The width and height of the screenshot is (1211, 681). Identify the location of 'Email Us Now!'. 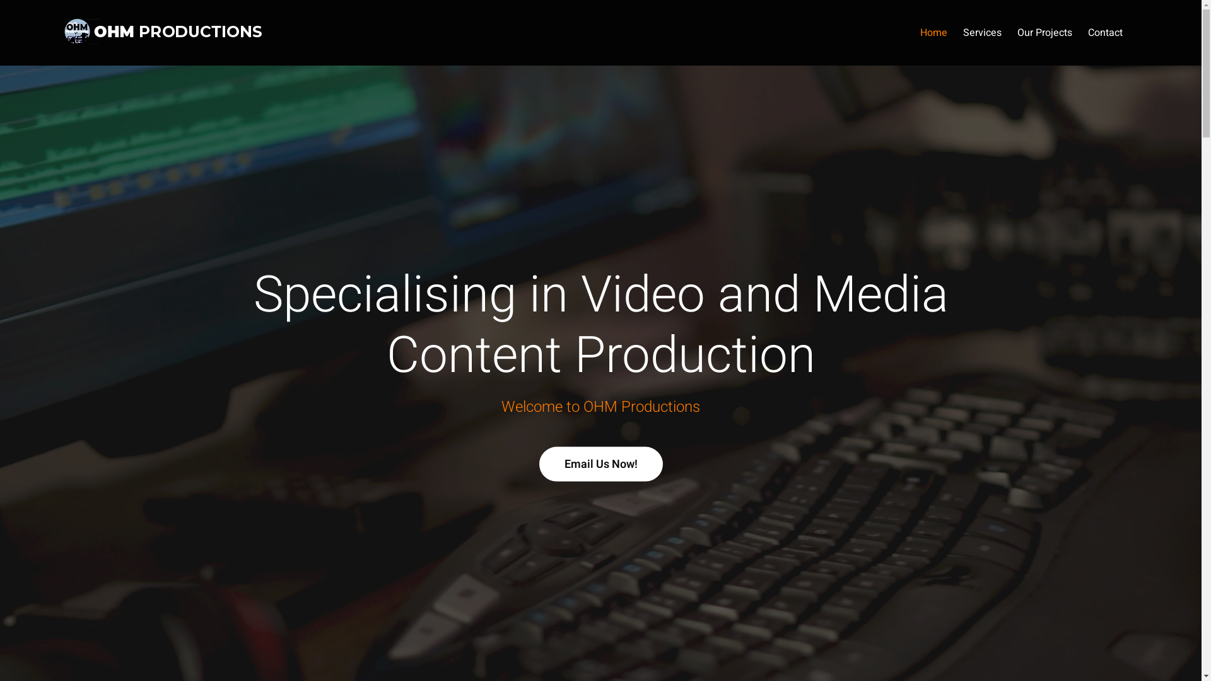
(599, 463).